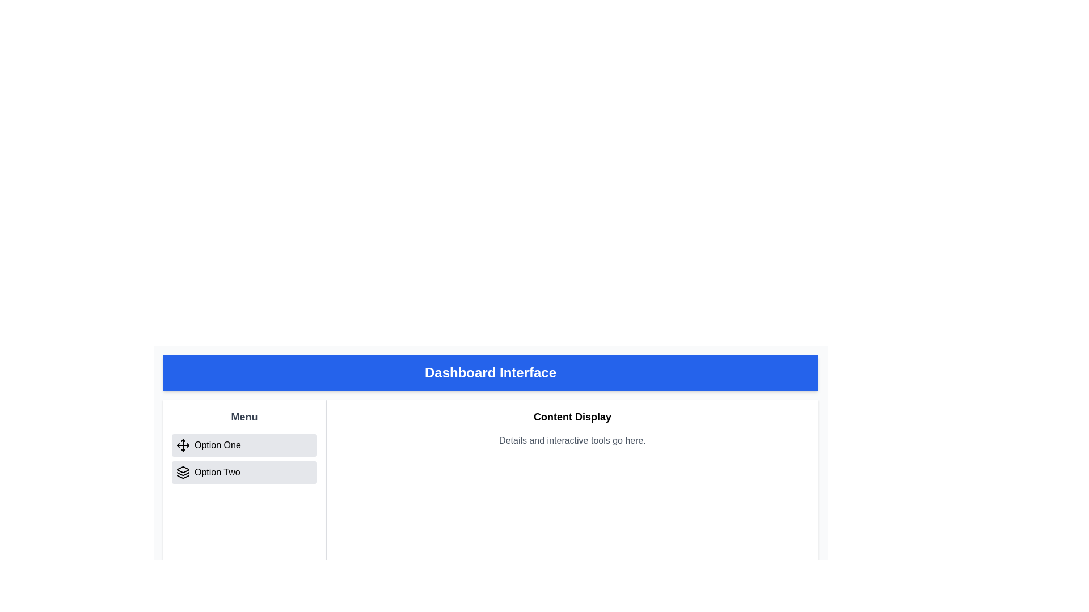  What do you see at coordinates (572, 417) in the screenshot?
I see `the static text label 'Content Display' which is prominently styled in bold and larger size, located centrally below the blue header bar on a white background` at bounding box center [572, 417].